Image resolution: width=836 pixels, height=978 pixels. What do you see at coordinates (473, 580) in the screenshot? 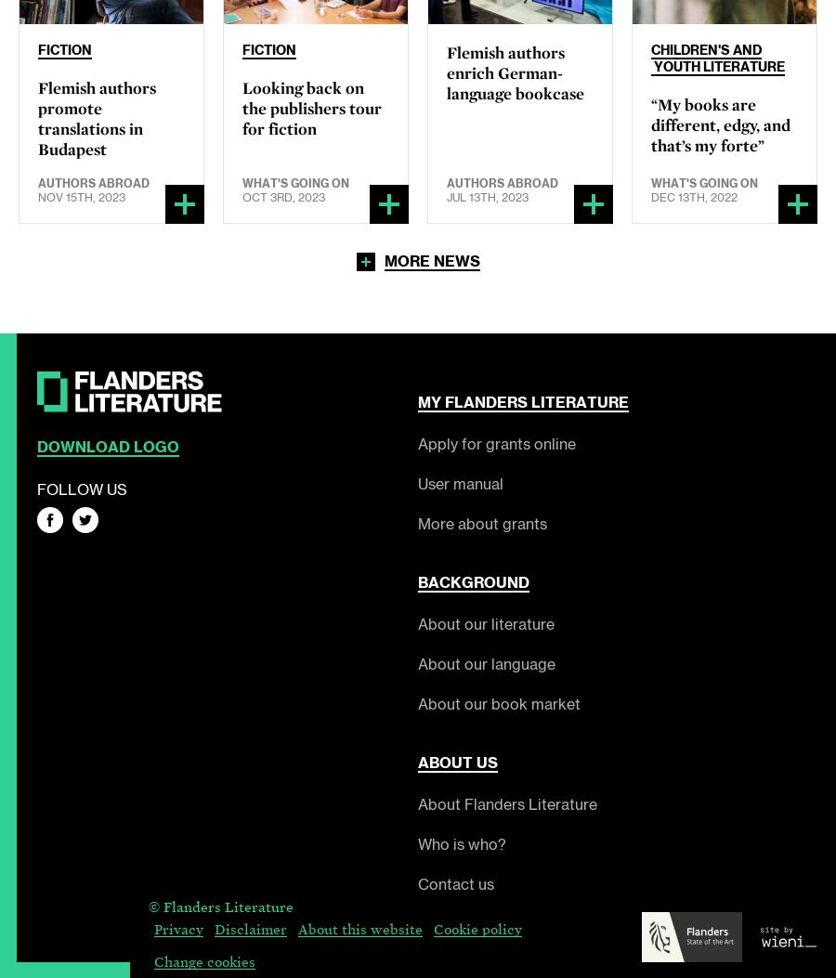
I see `'Background'` at bounding box center [473, 580].